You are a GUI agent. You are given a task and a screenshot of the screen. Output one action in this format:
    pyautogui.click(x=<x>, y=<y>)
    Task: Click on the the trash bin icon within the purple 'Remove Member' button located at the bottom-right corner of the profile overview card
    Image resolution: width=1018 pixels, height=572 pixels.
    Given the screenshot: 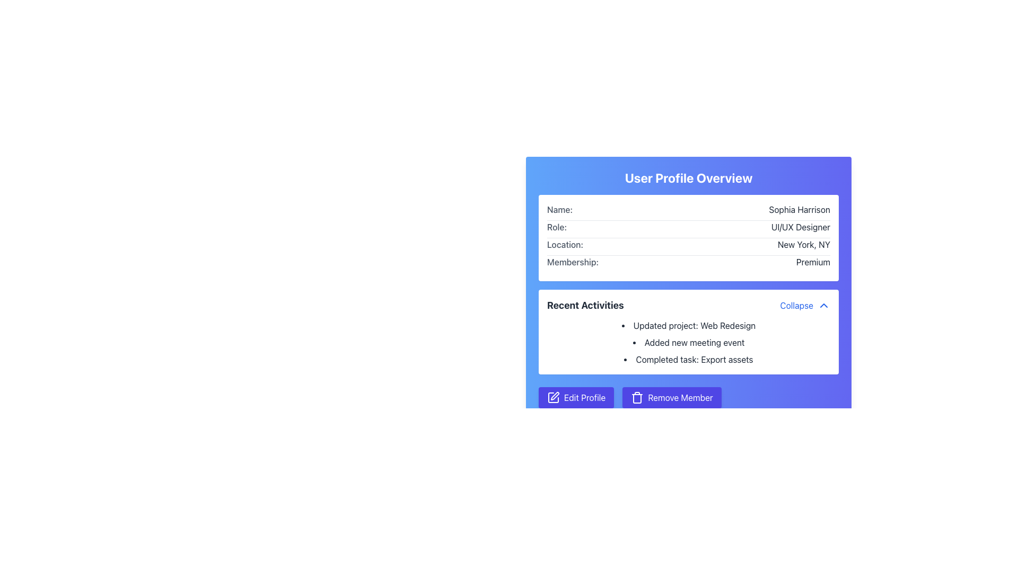 What is the action you would take?
    pyautogui.click(x=637, y=398)
    